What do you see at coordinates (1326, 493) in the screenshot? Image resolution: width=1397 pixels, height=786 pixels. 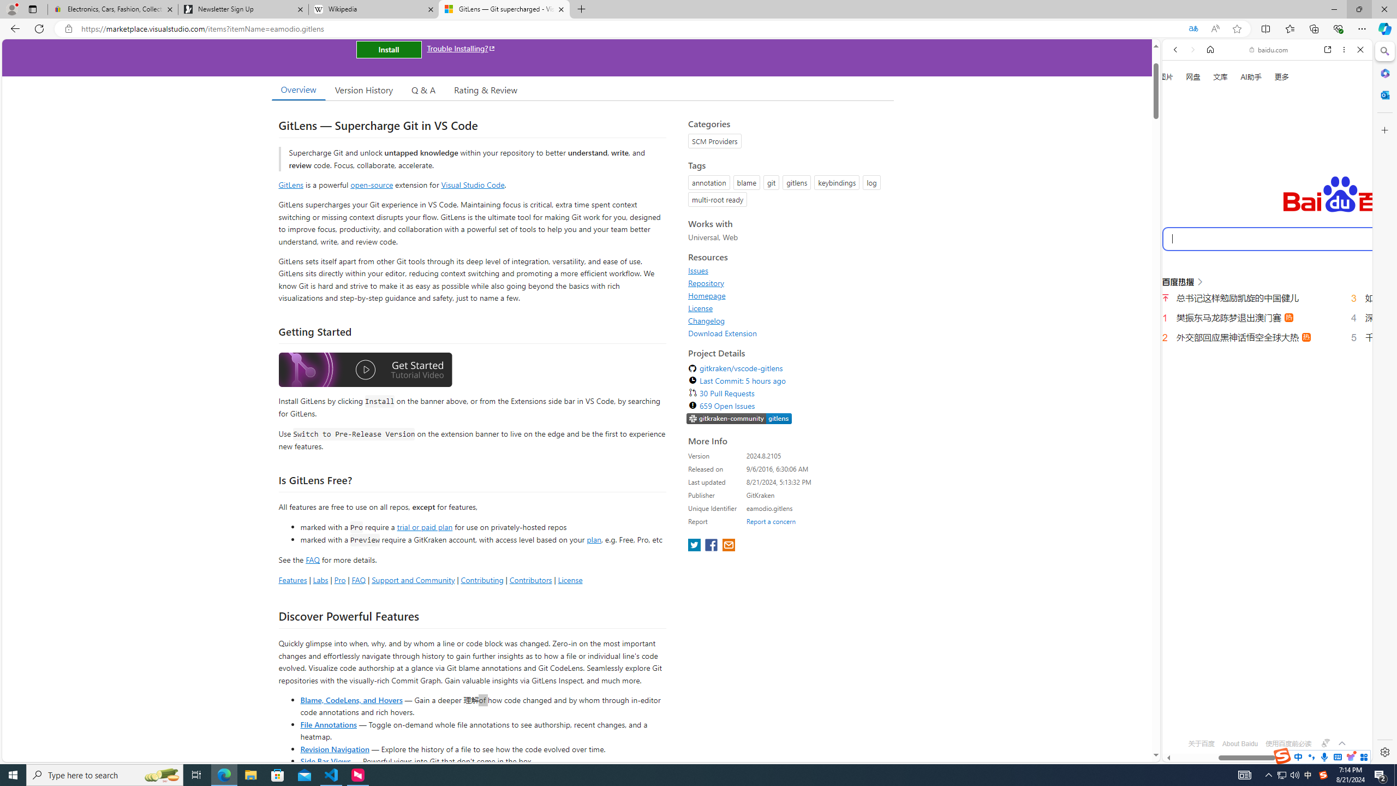 I see `'Actions for this site'` at bounding box center [1326, 493].